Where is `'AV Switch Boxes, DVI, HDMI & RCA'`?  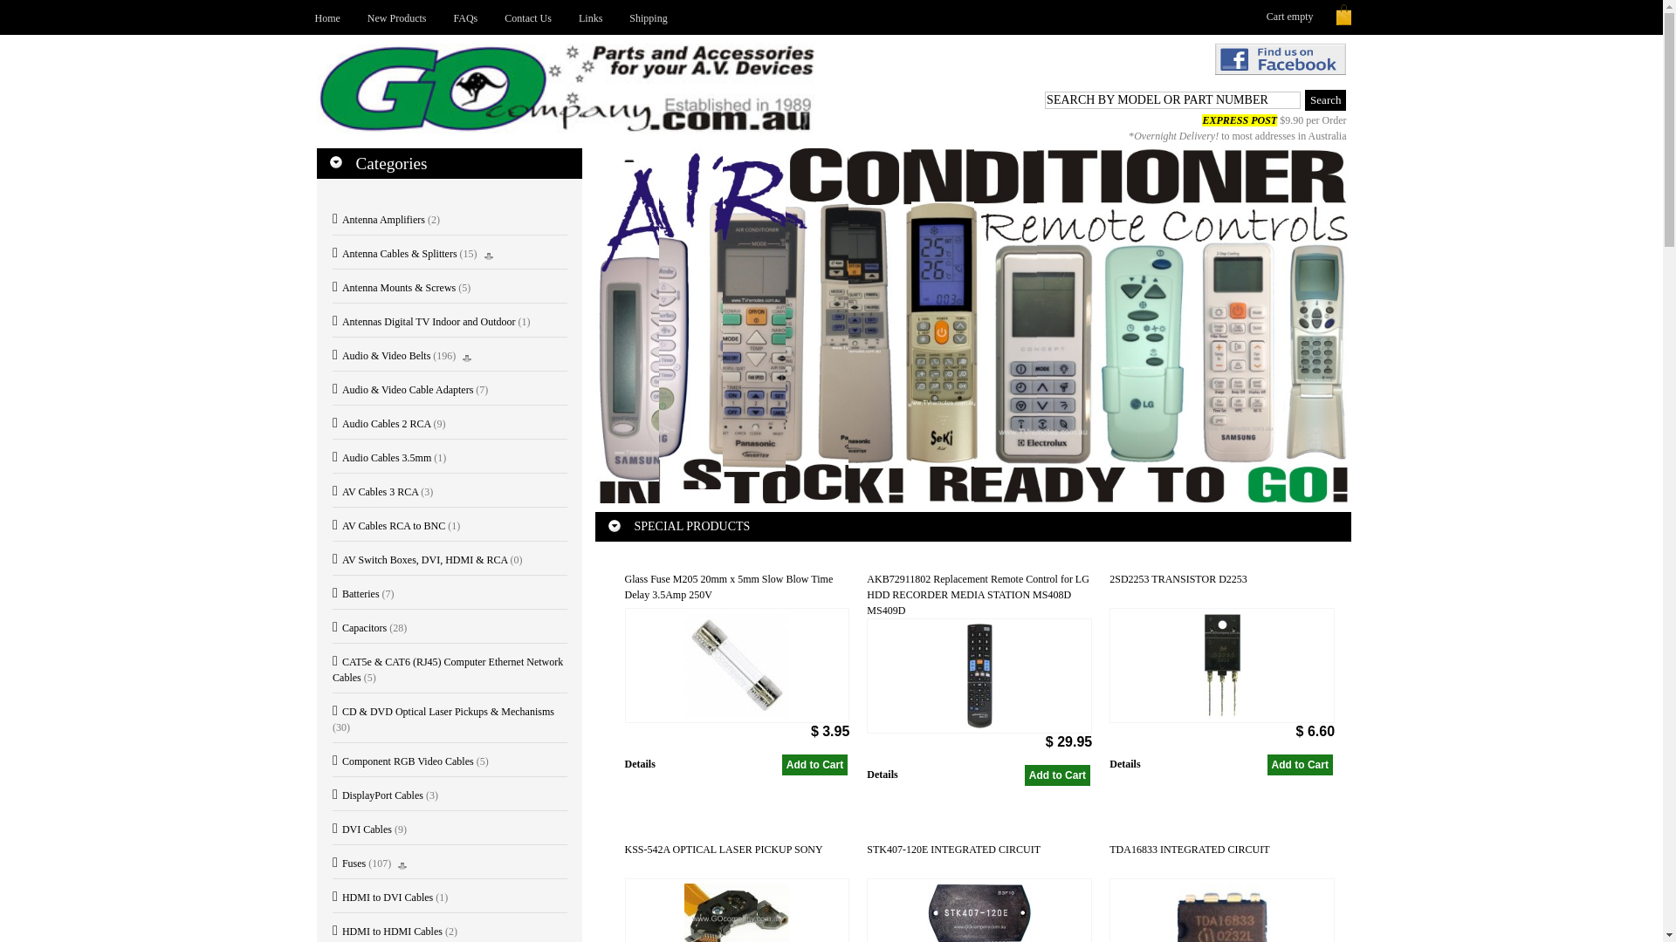
'AV Switch Boxes, DVI, HDMI & RCA' is located at coordinates (419, 559).